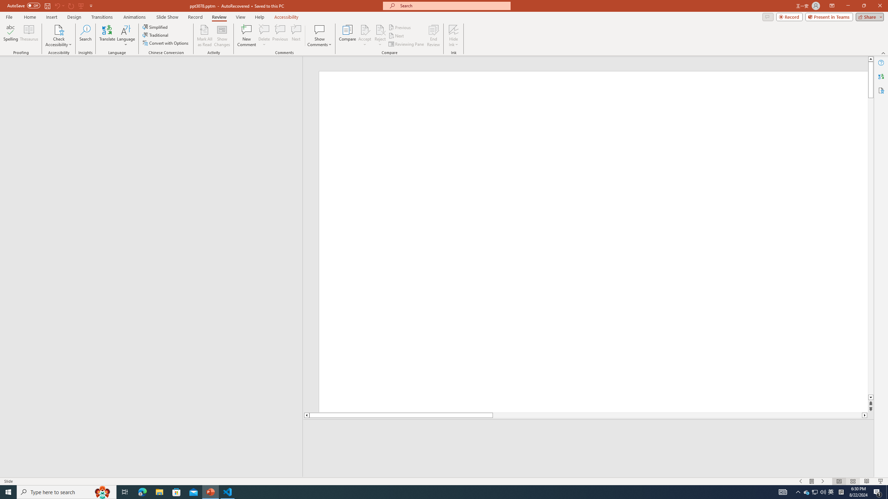 The image size is (888, 499). What do you see at coordinates (155, 27) in the screenshot?
I see `'Simplified'` at bounding box center [155, 27].